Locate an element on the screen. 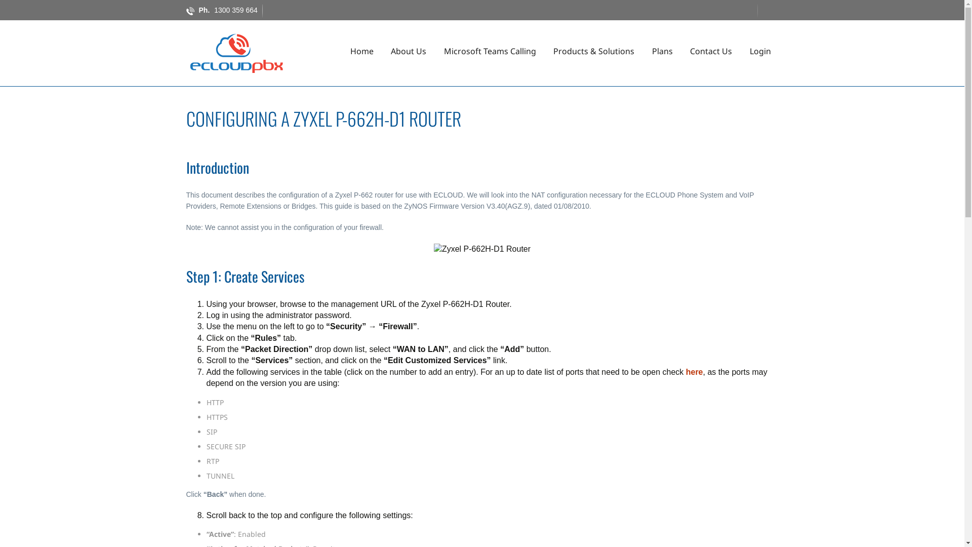  'Microsoft Teams Calling' is located at coordinates (490, 51).